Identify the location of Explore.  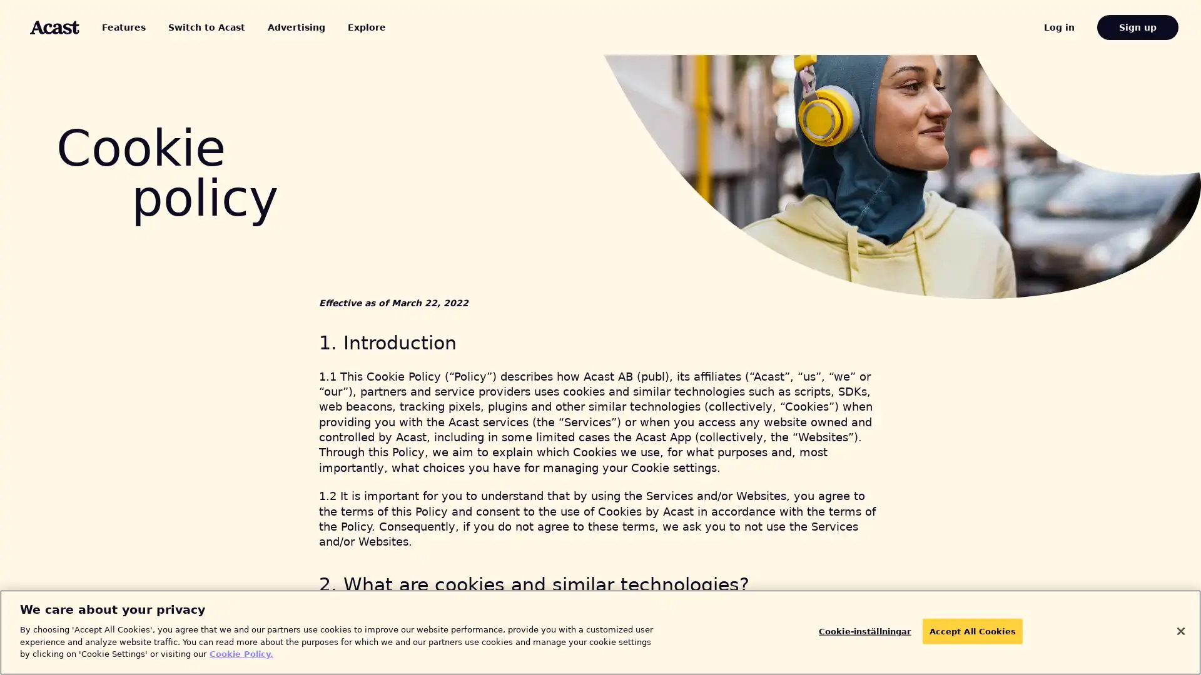
(333, 27).